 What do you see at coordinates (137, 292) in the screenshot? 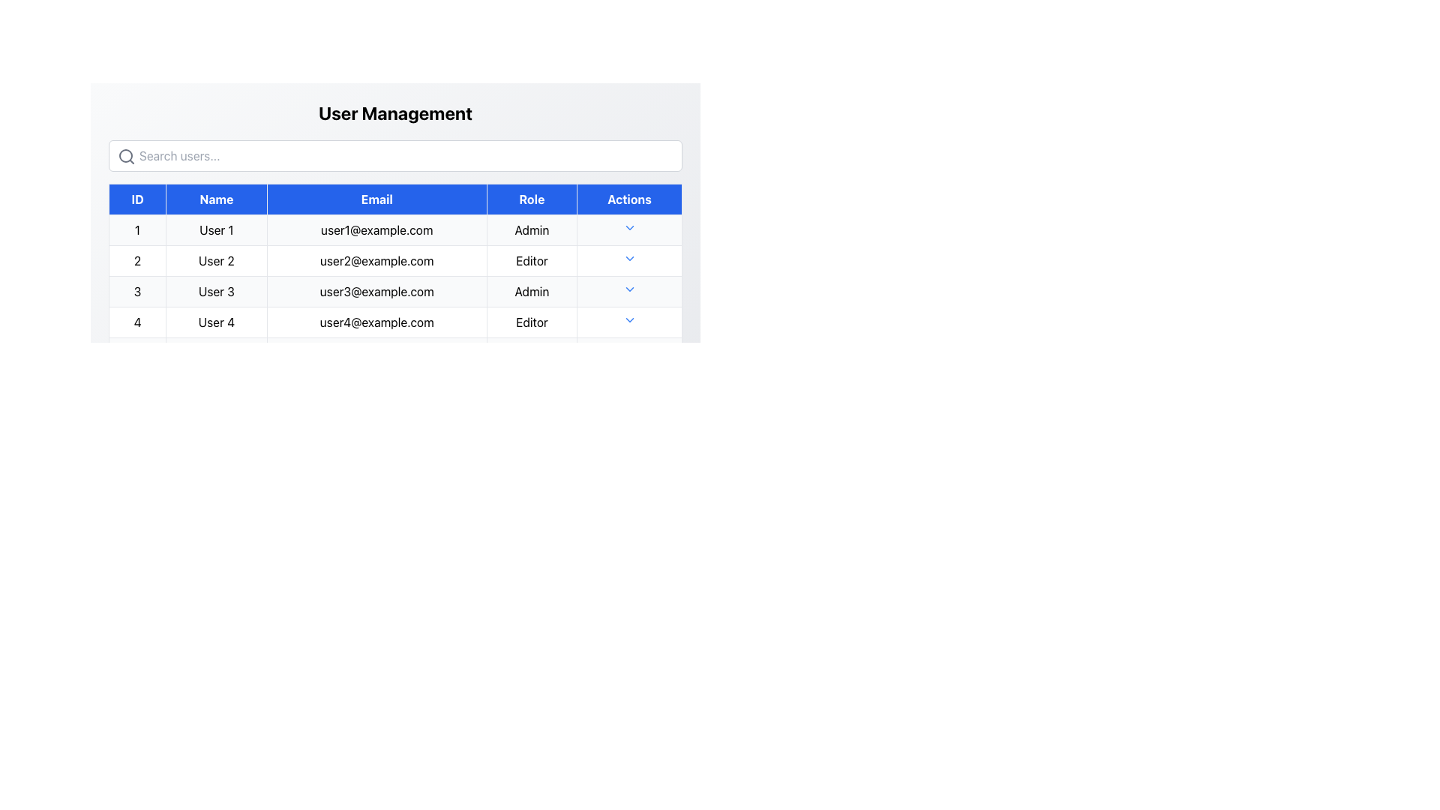
I see `the numerical digit '3' inside the bordered cell in the 'ID' column of the table, which corresponds to 'User 3'` at bounding box center [137, 292].